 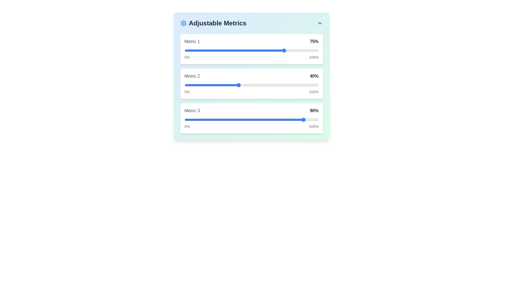 I want to click on the Slider for 'Metric 2' which is visually represented between 'Metric 1' above and 'Metric 3' below, allowing for interactive value adjustment between 0% and 100%, so click(x=251, y=85).